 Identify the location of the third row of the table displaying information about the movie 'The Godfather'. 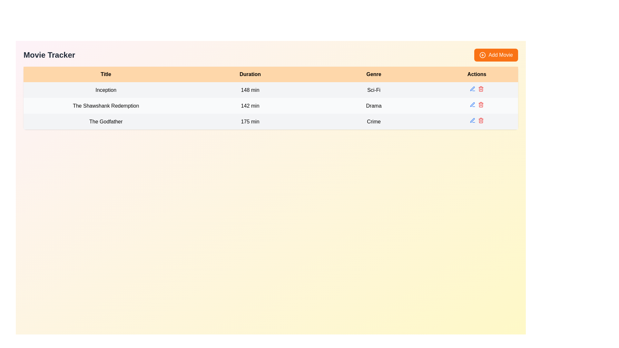
(271, 121).